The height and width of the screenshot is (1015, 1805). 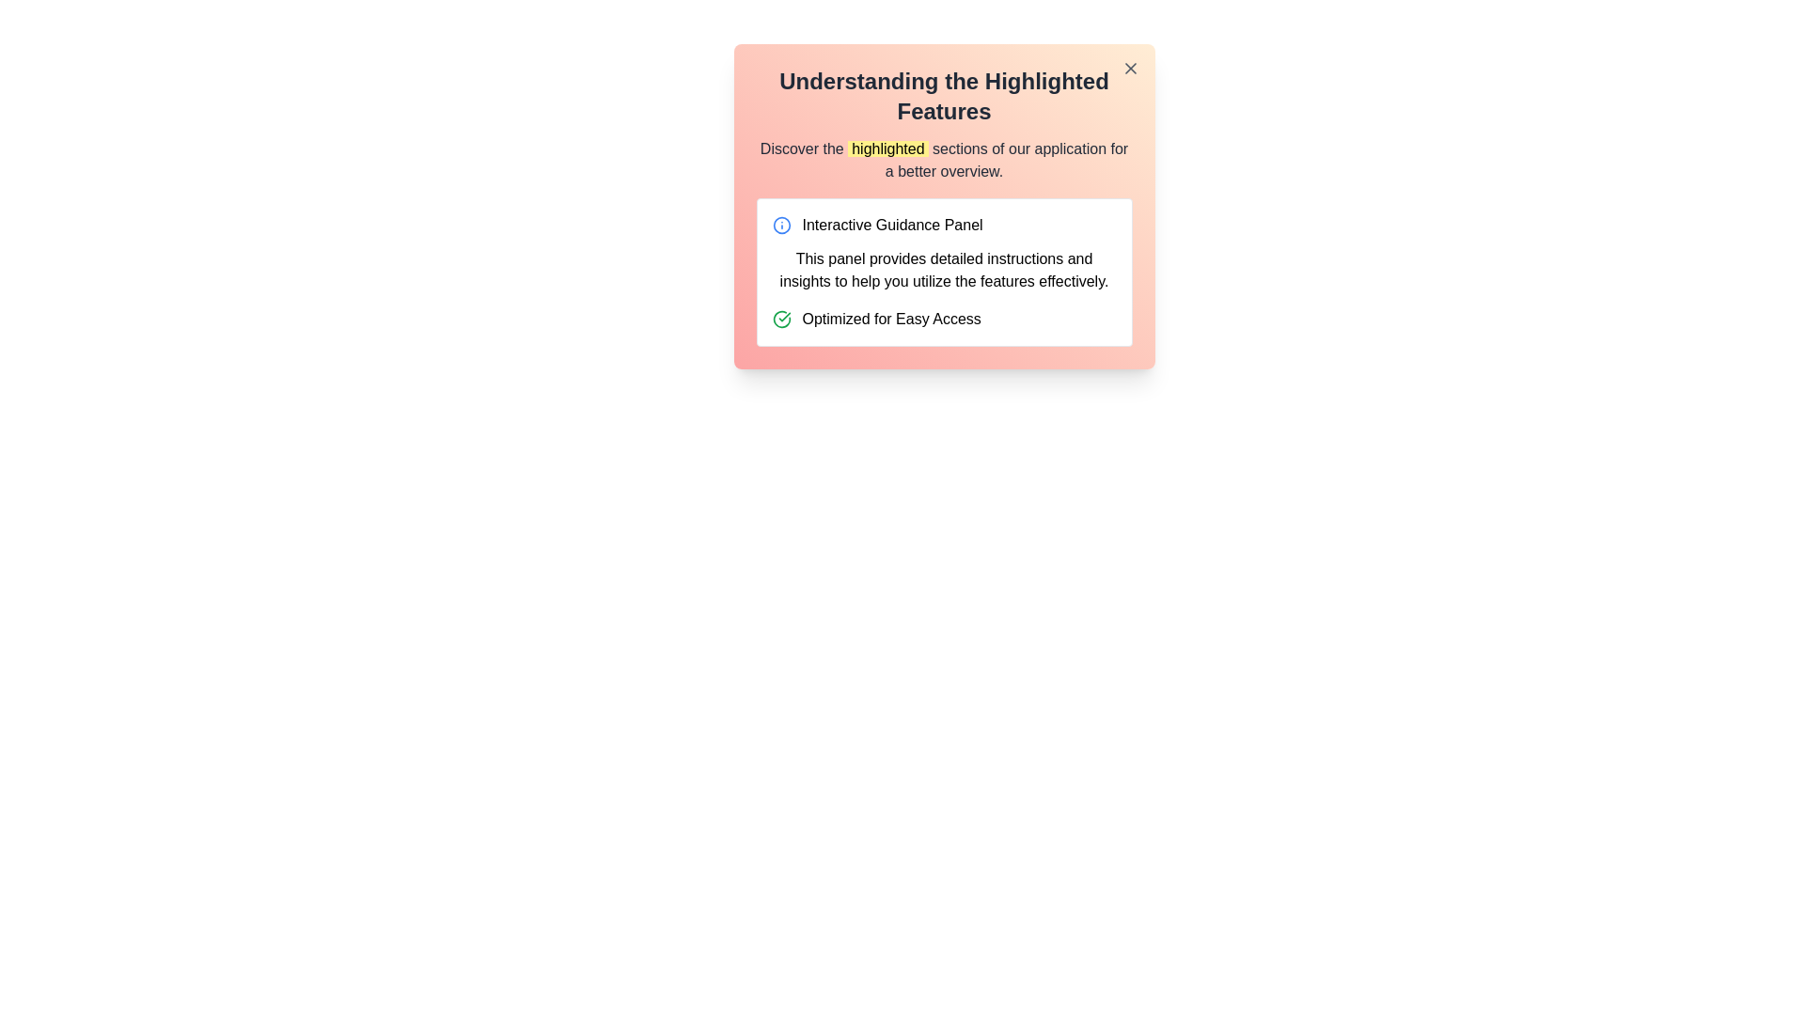 What do you see at coordinates (944, 159) in the screenshot?
I see `the text block that says 'Discover the highlighted sections of our application for a better overview.' which is emphasized with a yellow background and located below the title 'Understanding the Highlighted Features'` at bounding box center [944, 159].